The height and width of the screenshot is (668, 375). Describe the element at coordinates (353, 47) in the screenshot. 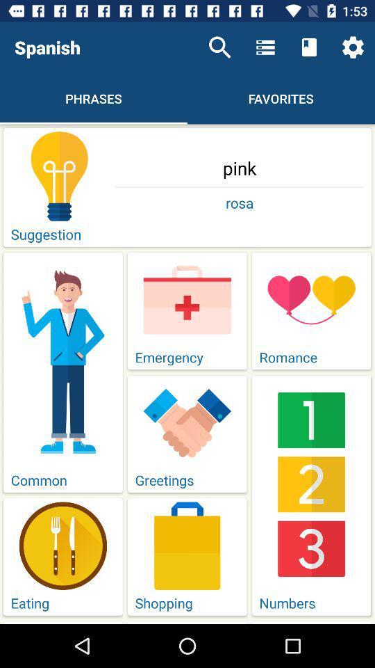

I see `the icon above pink item` at that location.